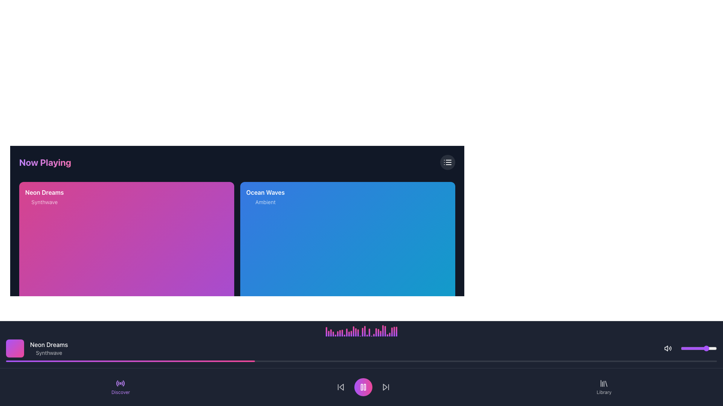 The width and height of the screenshot is (723, 406). I want to click on the 19th visual indicator bar from the left, which represents sound levels or activity, to interact with it, so click(367, 332).